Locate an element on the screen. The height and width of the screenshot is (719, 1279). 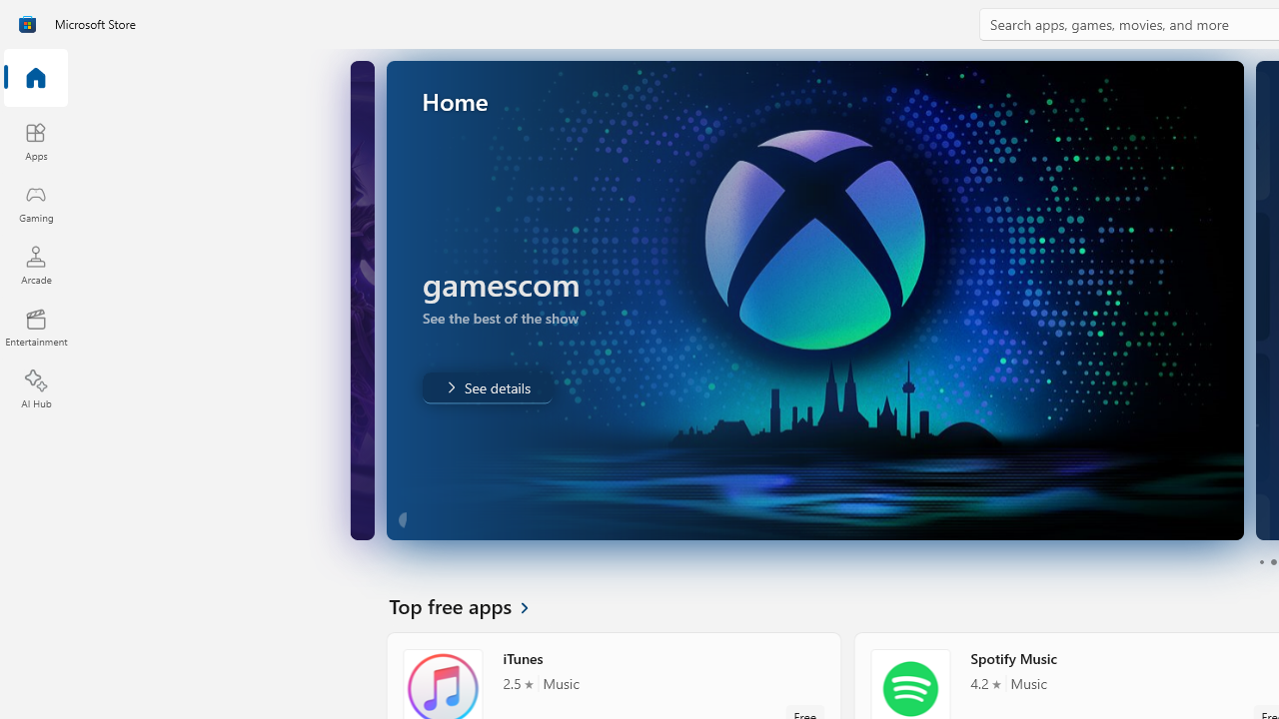
'Gaming' is located at coordinates (35, 203).